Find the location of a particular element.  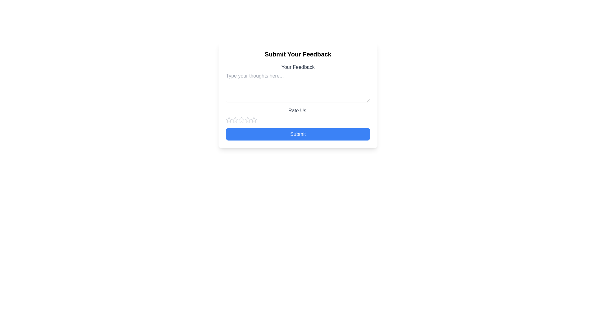

the heading text at the top of the feedback submission section is located at coordinates (298, 54).